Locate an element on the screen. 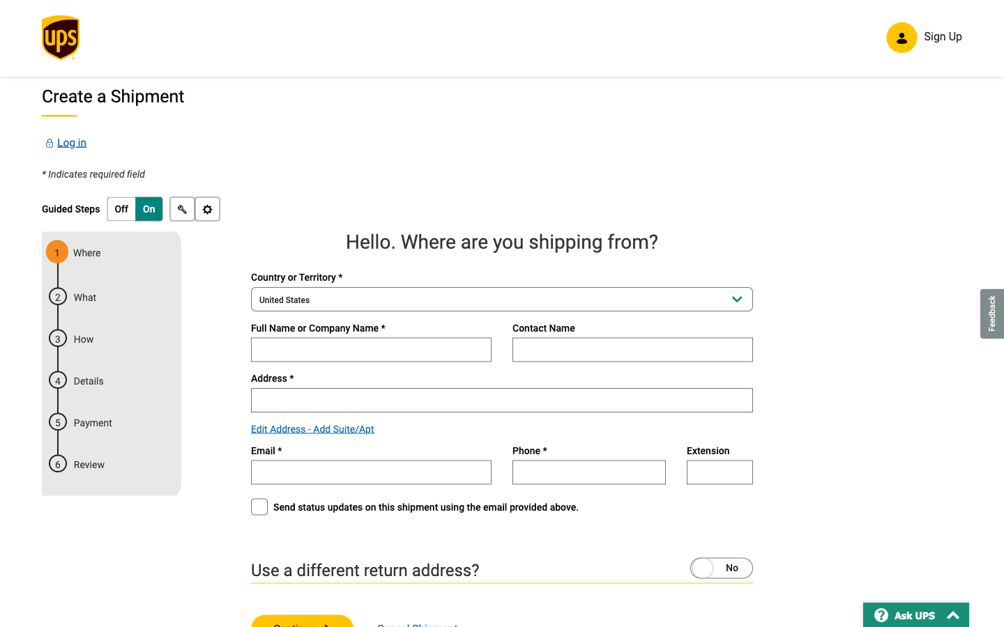 This screenshot has height=627, width=1004. a different address for return and choose to get updates for this delivery on the email given above is located at coordinates (694, 566).